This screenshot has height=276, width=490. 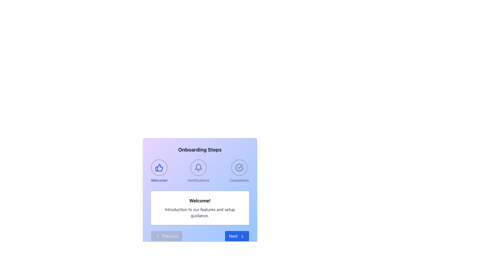 I want to click on the 'thumbs-up' icon with a thin, blue outline in the 'Onboarding Steps' section, so click(x=159, y=167).